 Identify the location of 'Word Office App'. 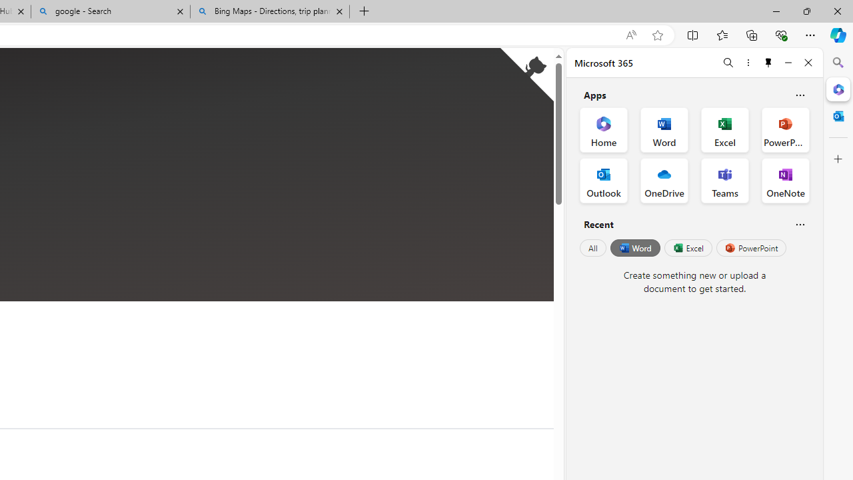
(664, 130).